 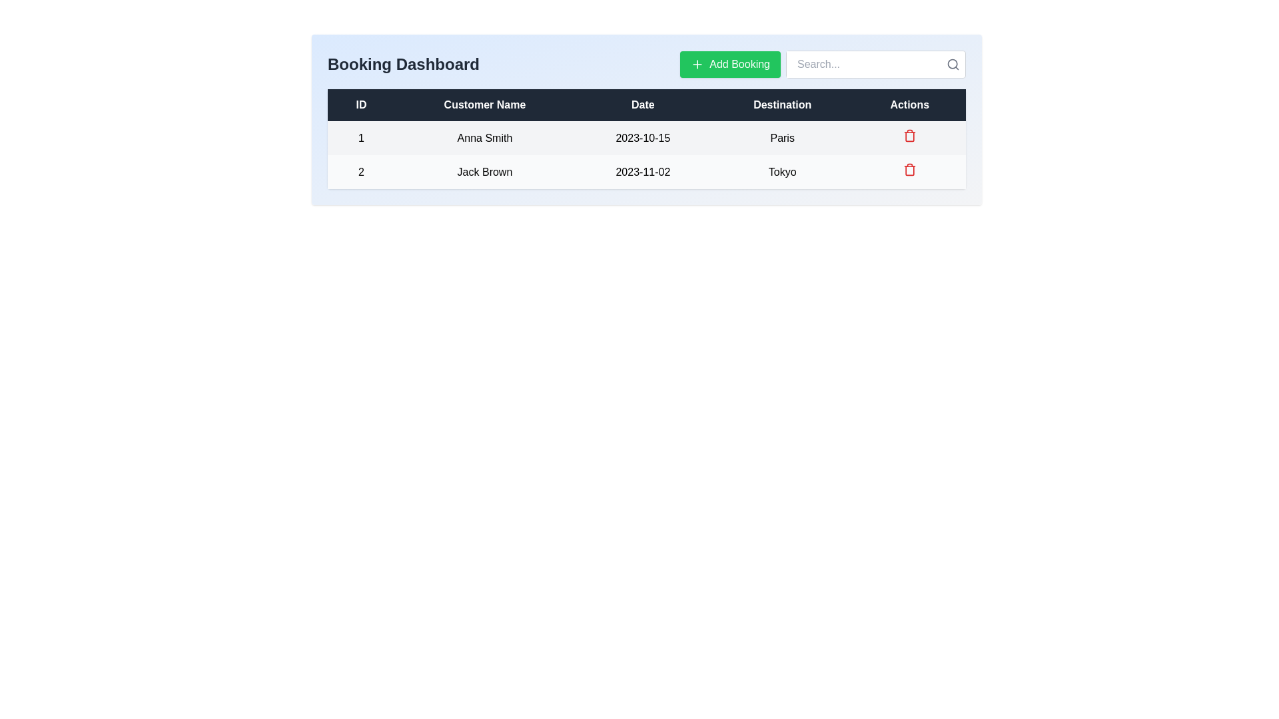 I want to click on the text label indicating the third column of the table, which contains dates, located between 'Customer Name' and 'Destination', so click(x=646, y=105).